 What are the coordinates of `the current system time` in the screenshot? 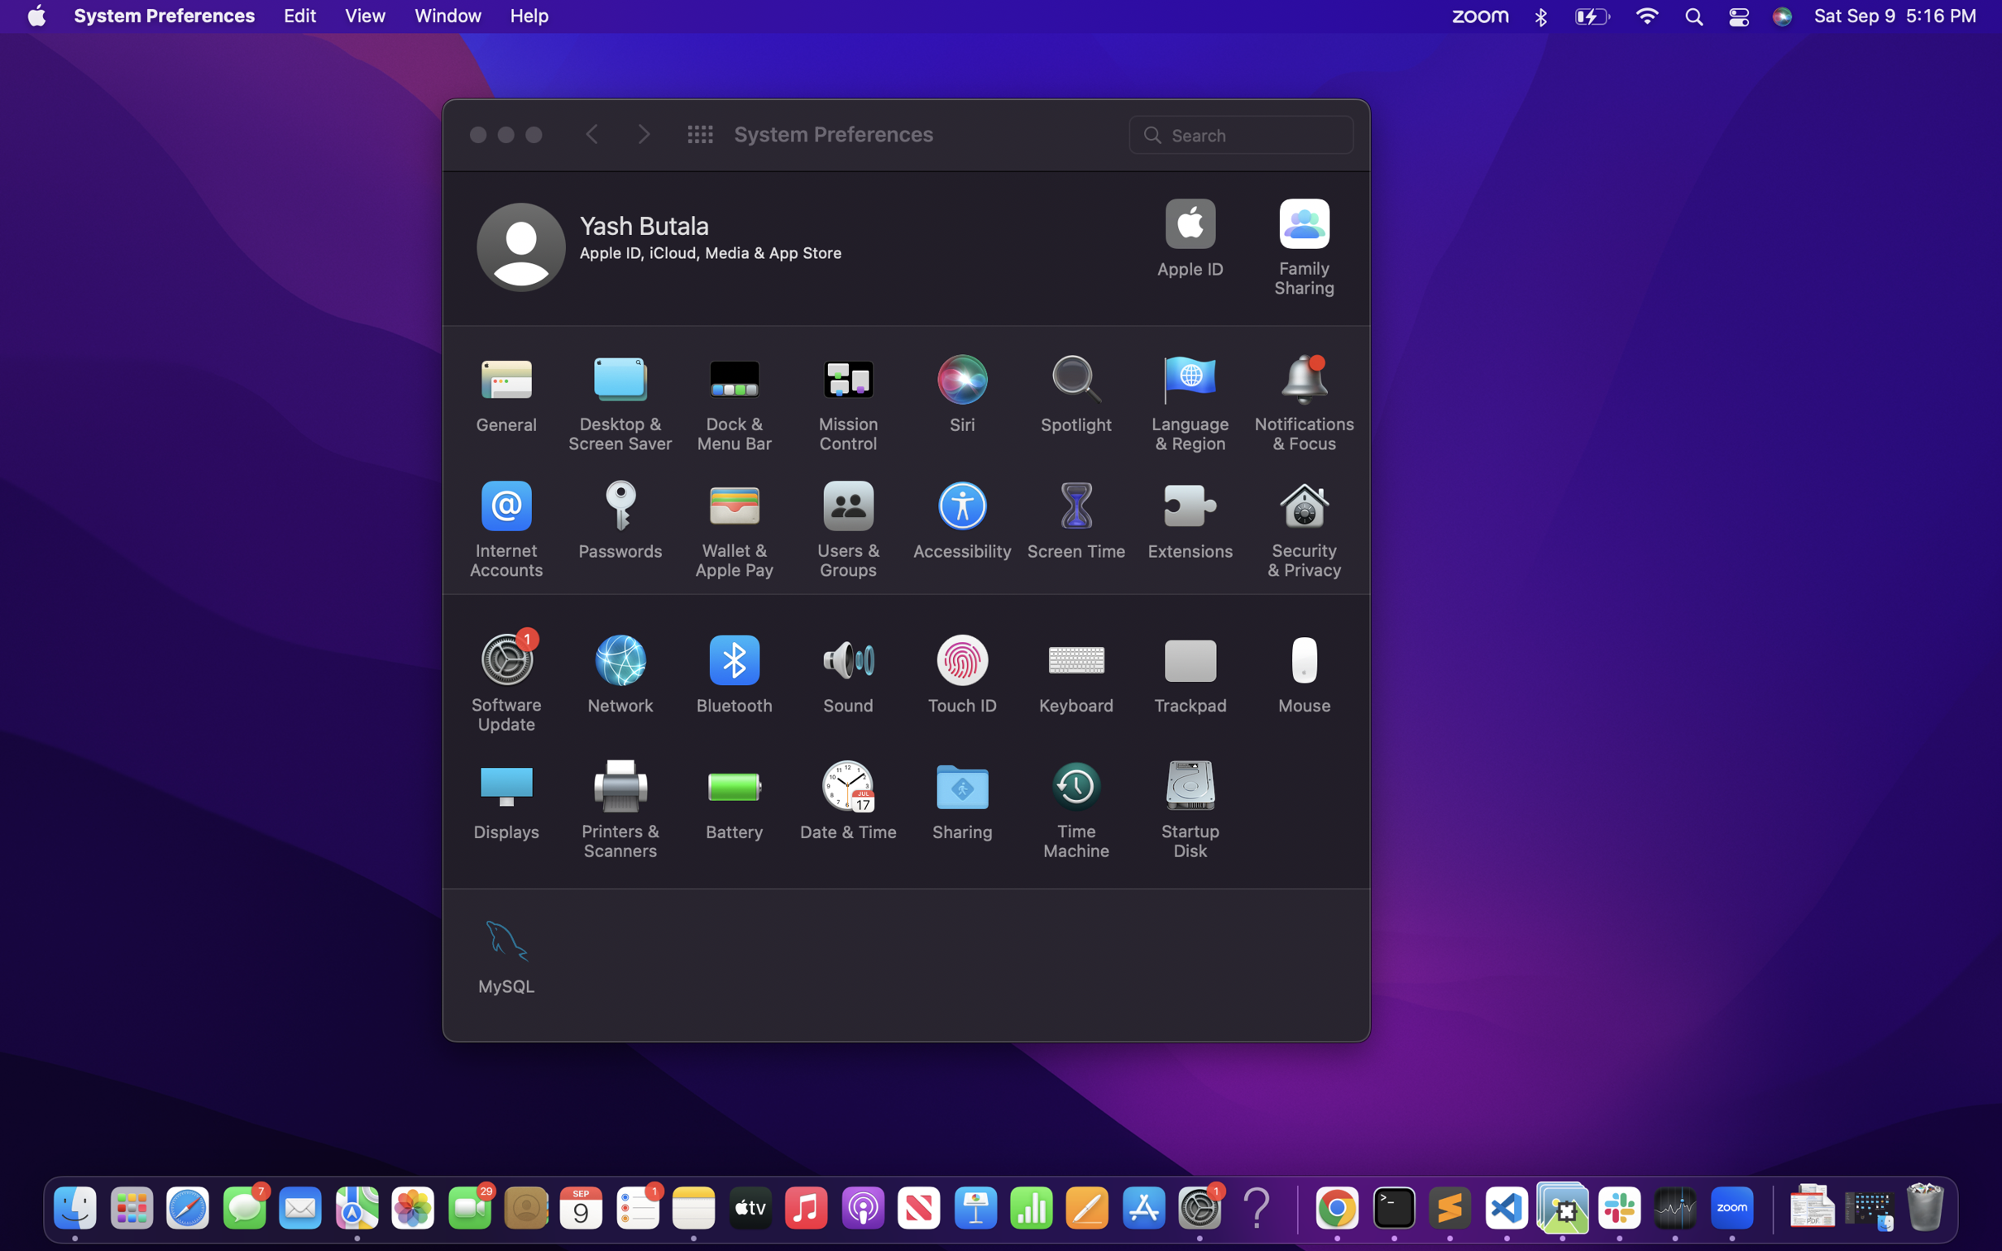 It's located at (848, 803).